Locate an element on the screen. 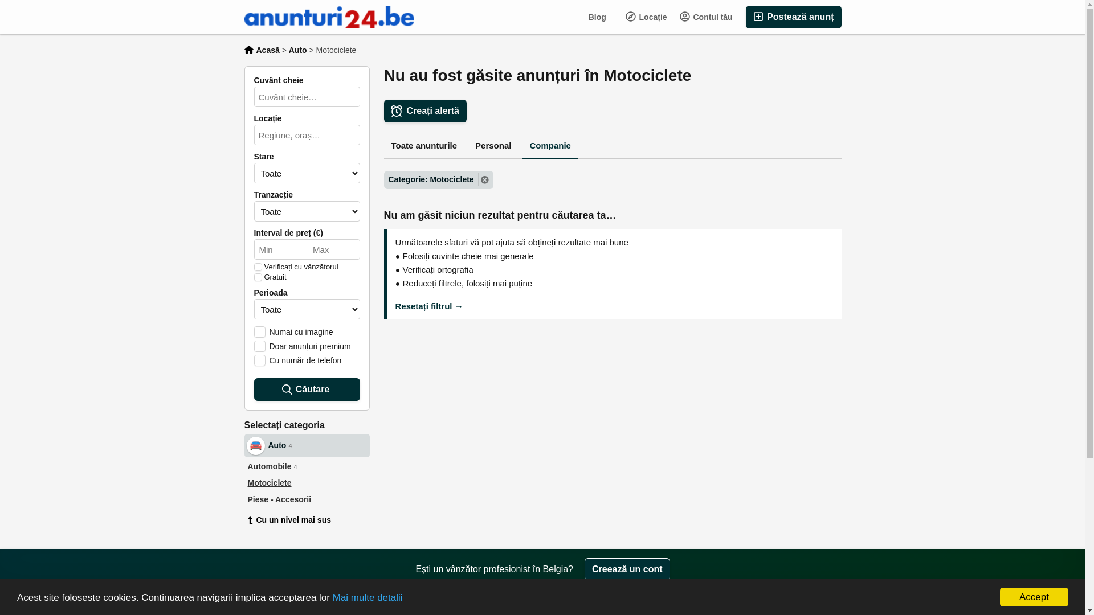 The width and height of the screenshot is (1094, 615). 'Motociclete' is located at coordinates (243, 483).